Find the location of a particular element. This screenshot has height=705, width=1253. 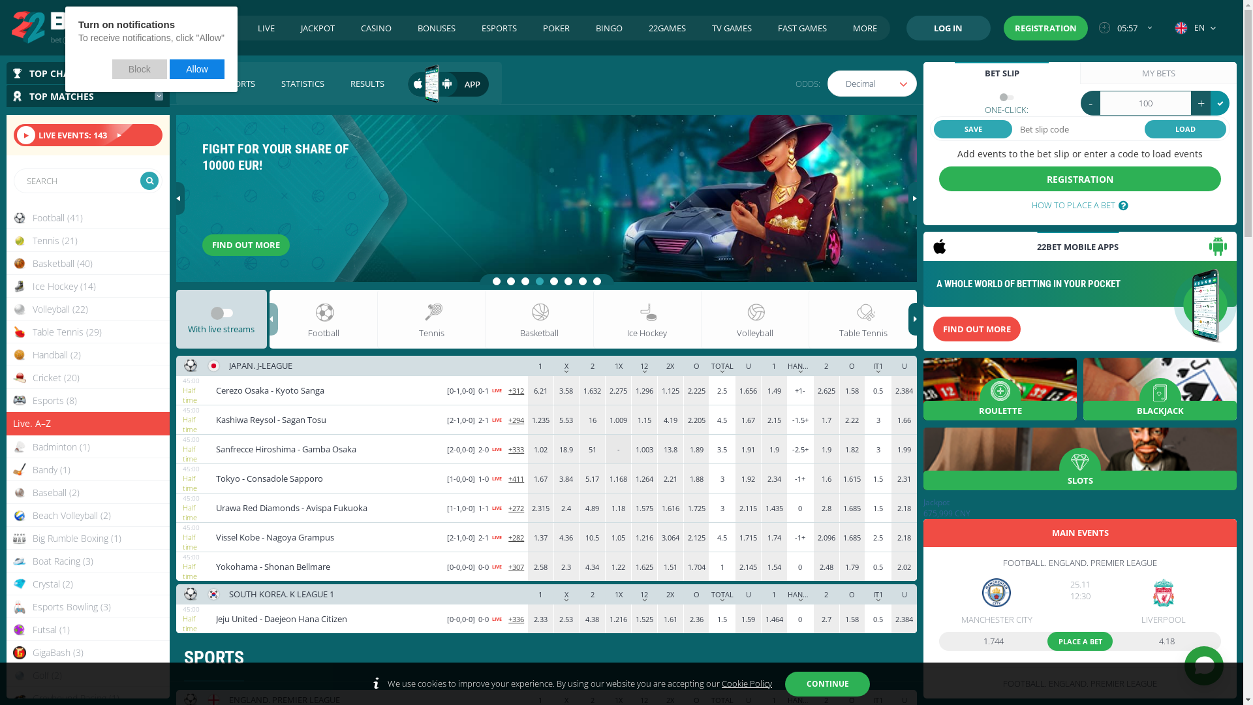

'Golf is located at coordinates (87, 675).